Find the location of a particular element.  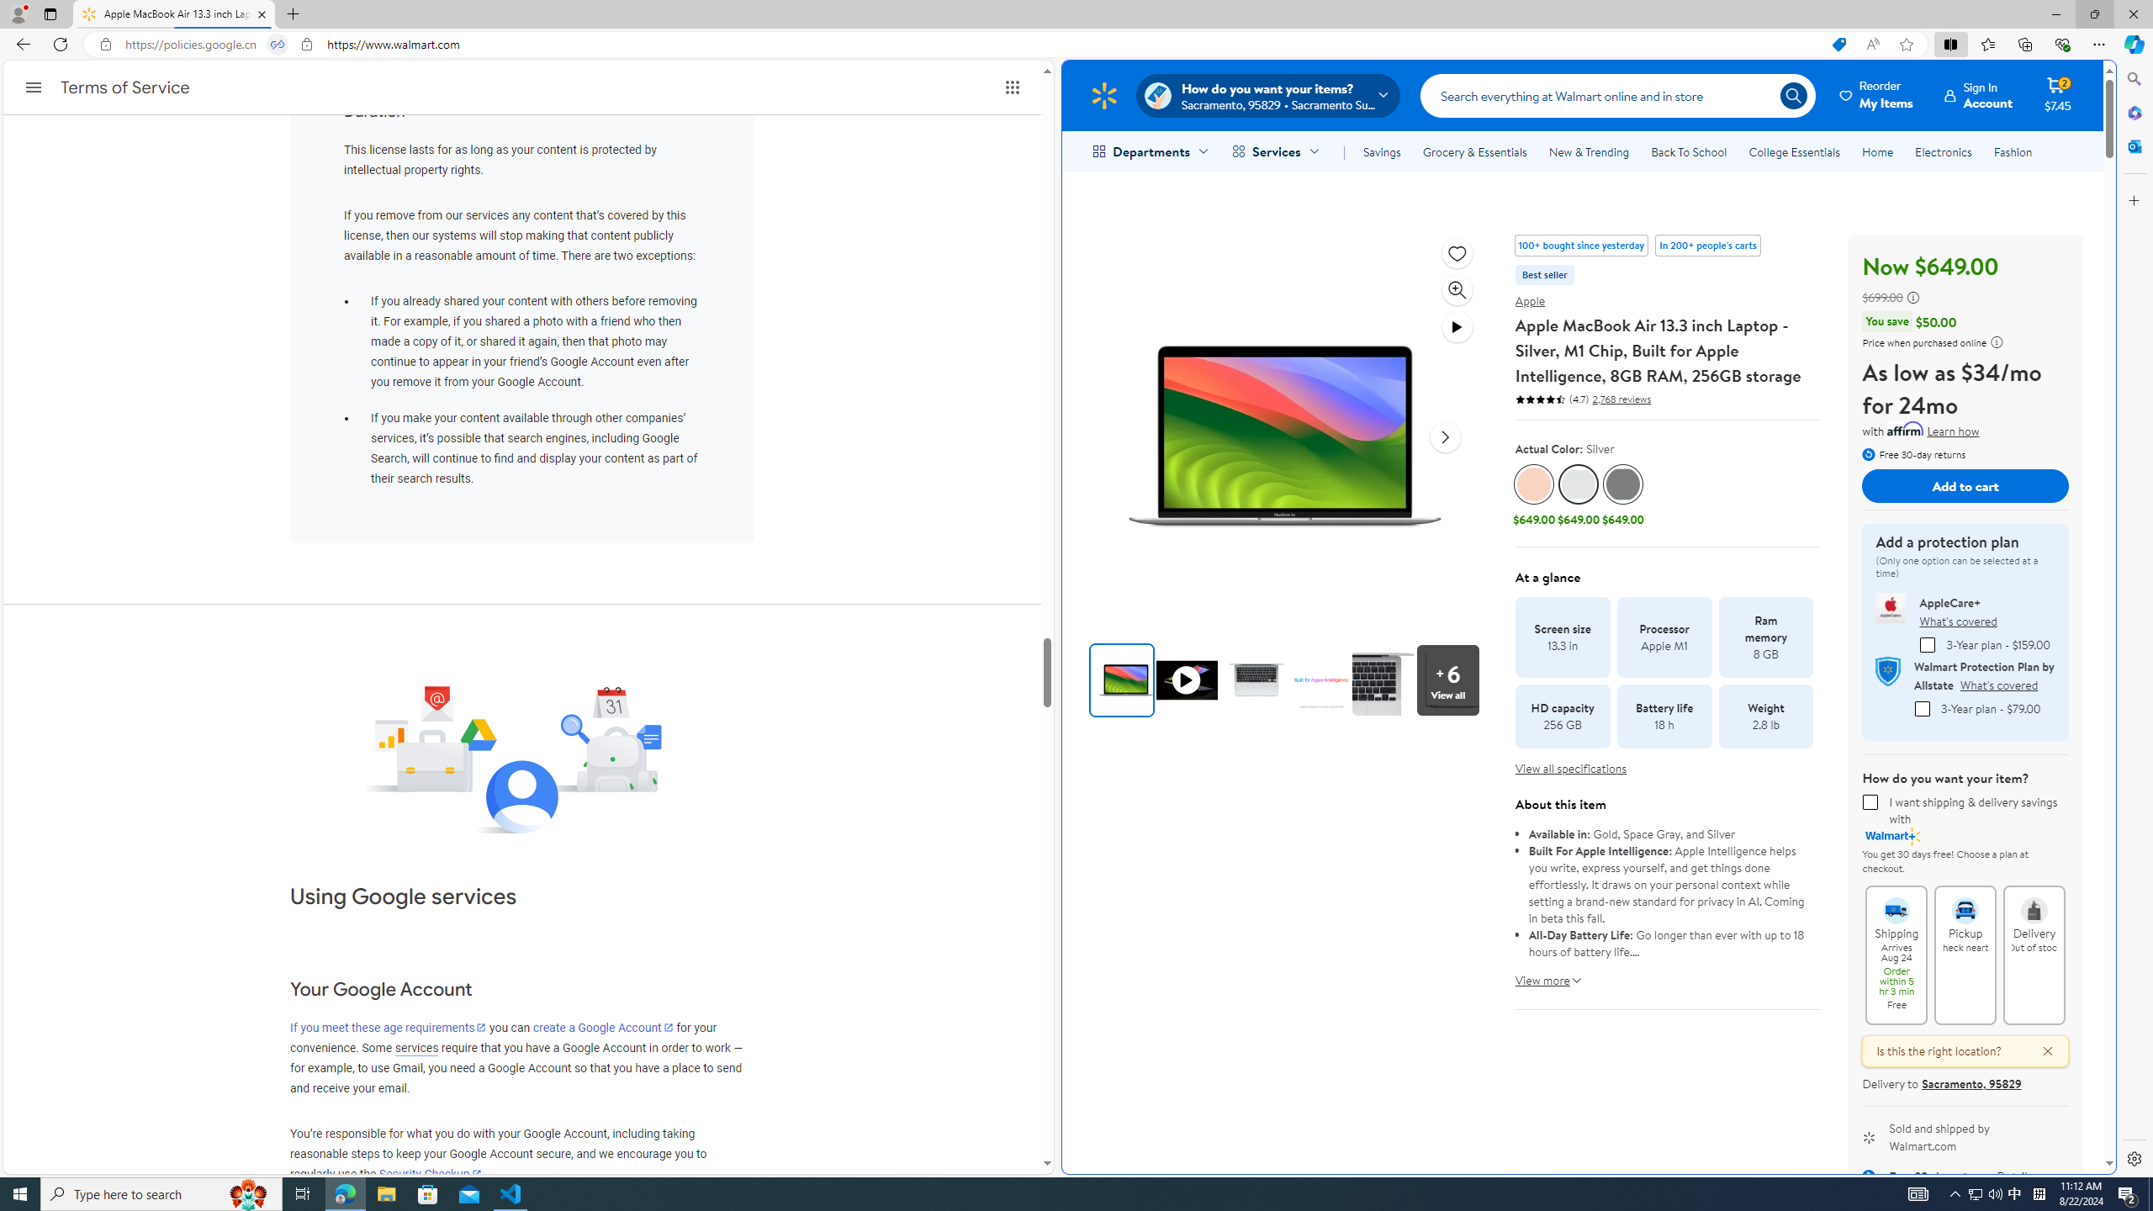

'Walmart Homepage' is located at coordinates (1103, 94).